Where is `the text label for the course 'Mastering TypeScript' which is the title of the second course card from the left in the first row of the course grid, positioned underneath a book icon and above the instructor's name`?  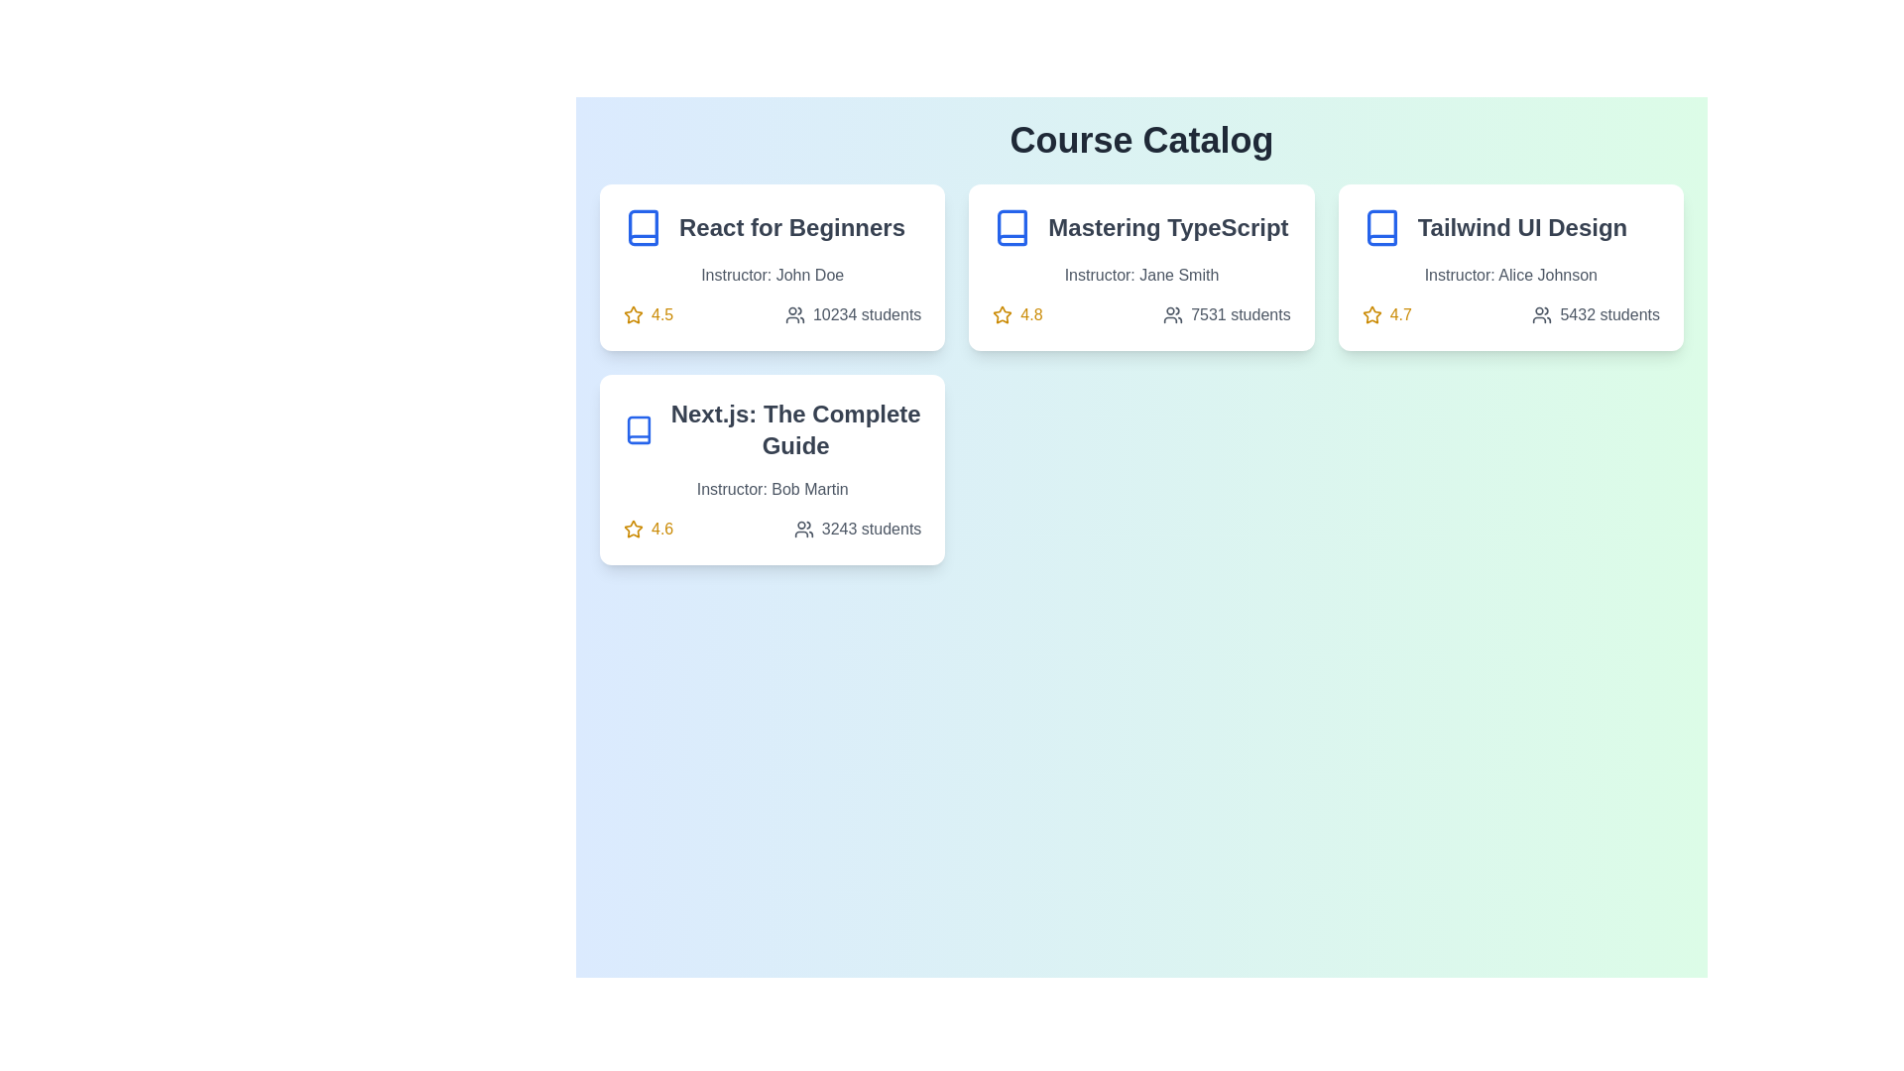 the text label for the course 'Mastering TypeScript' which is the title of the second course card from the left in the first row of the course grid, positioned underneath a book icon and above the instructor's name is located at coordinates (1167, 227).